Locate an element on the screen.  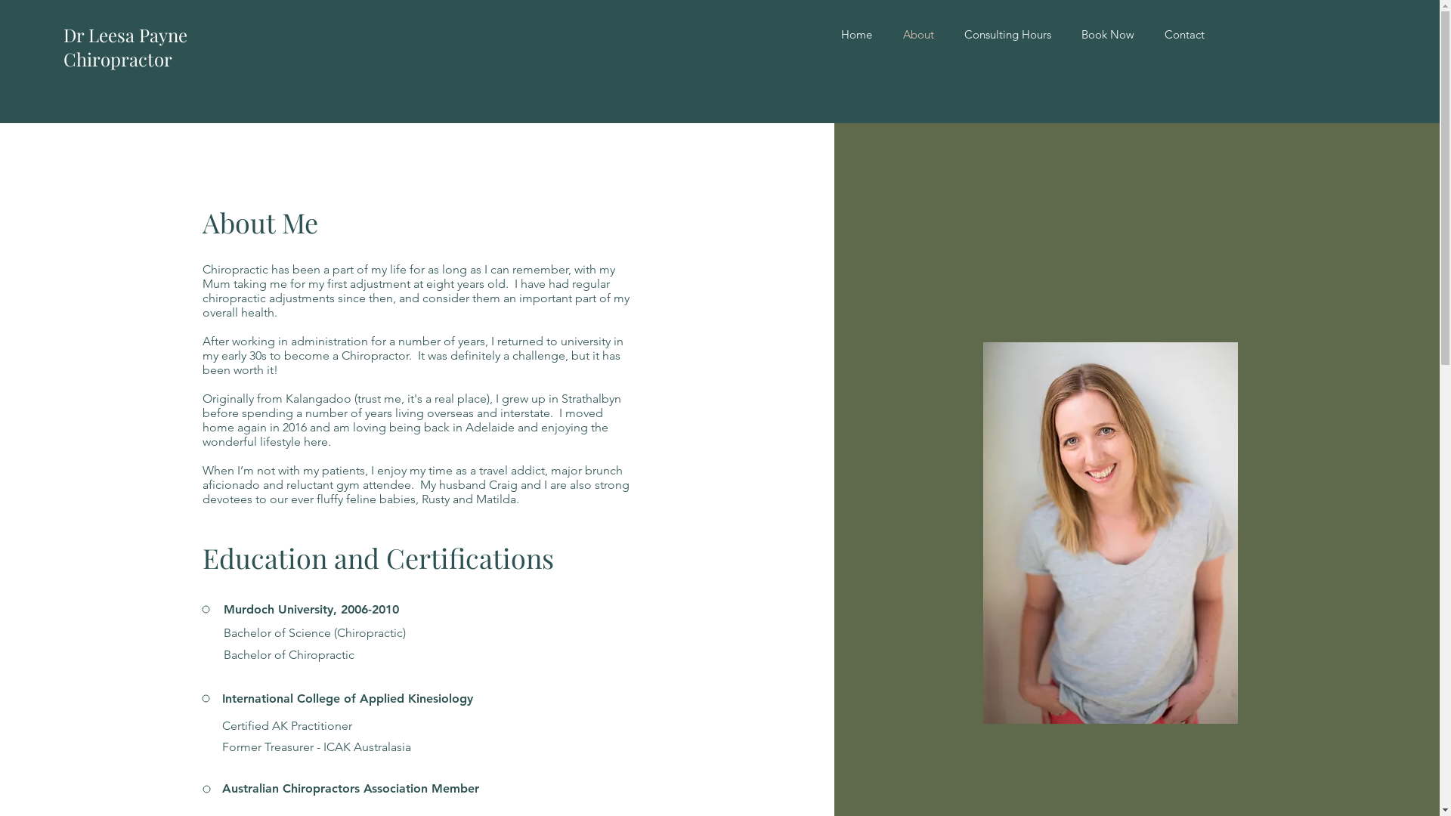
'Consulting Hours' is located at coordinates (1007, 34).